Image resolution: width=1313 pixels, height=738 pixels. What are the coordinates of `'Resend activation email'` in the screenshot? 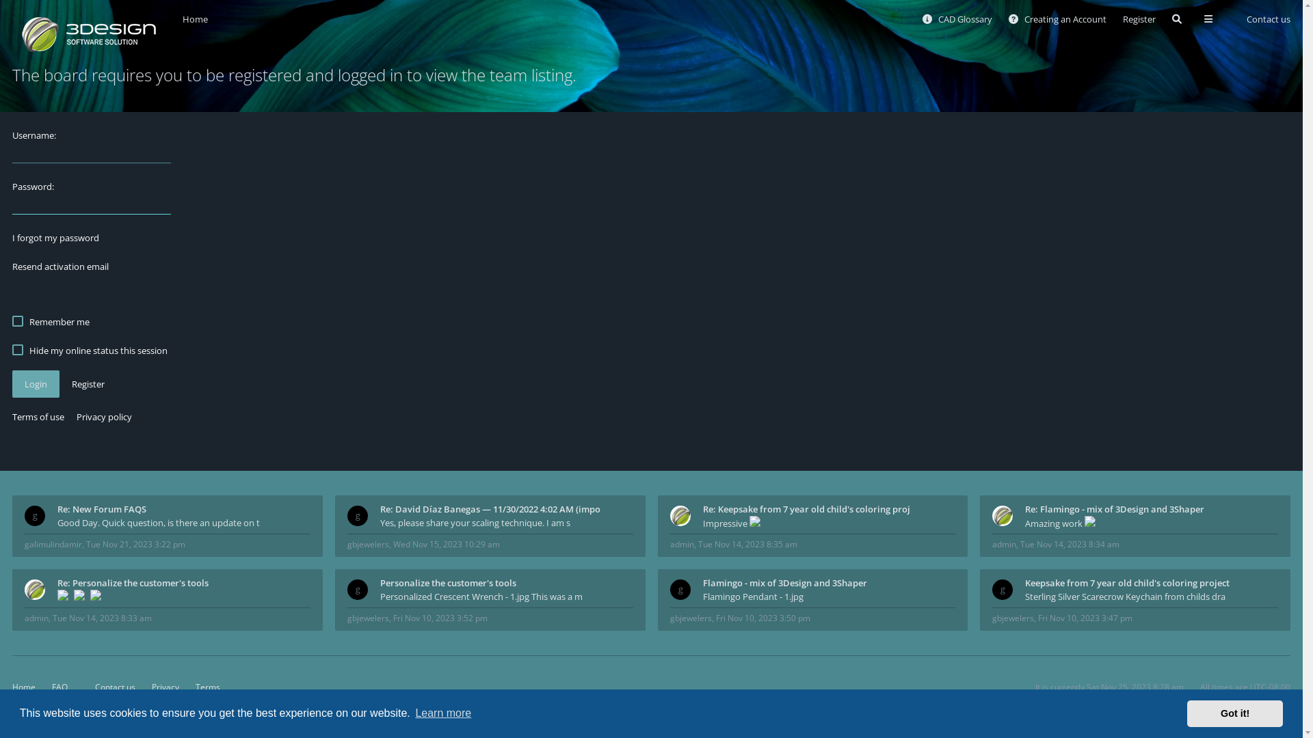 It's located at (59, 266).